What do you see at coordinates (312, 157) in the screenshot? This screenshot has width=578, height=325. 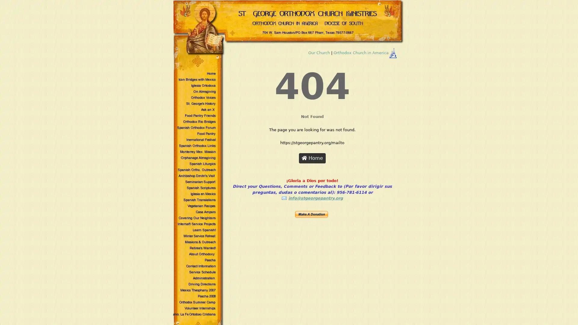 I see `Home` at bounding box center [312, 157].